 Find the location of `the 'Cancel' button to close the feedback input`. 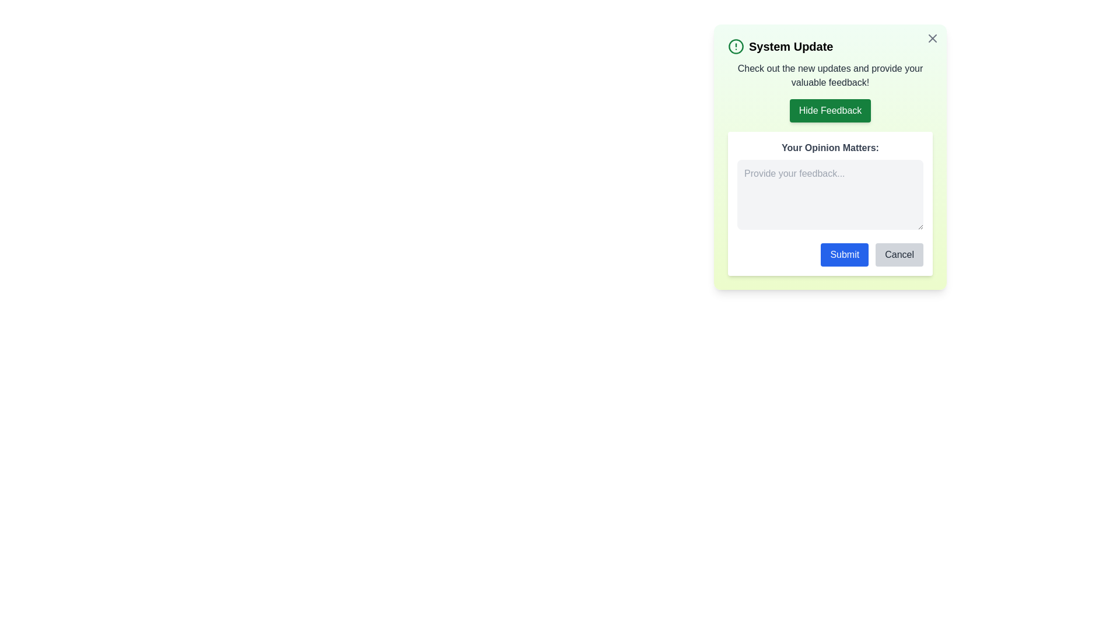

the 'Cancel' button to close the feedback input is located at coordinates (898, 254).